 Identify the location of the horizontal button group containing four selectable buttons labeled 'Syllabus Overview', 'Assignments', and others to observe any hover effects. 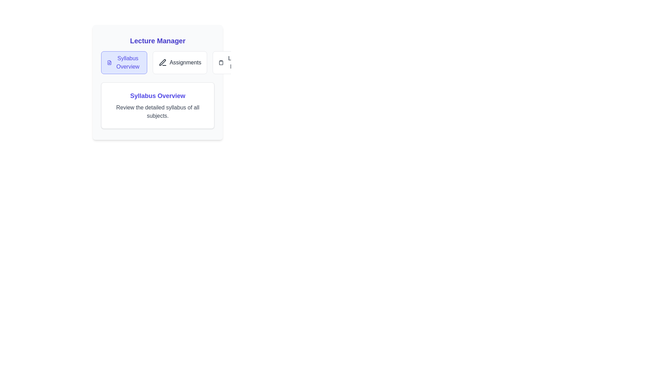
(157, 63).